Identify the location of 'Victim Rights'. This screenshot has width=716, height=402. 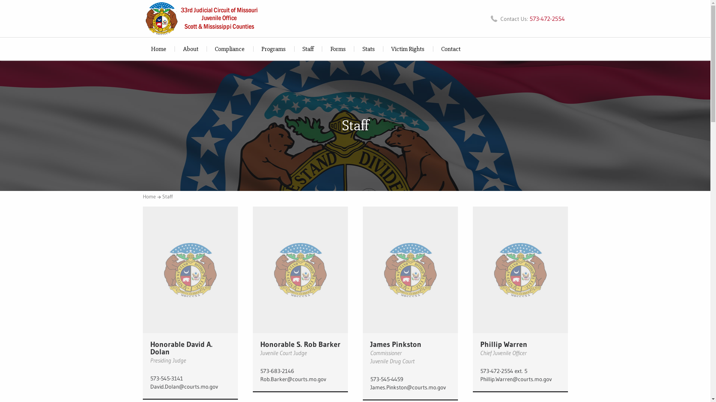
(408, 49).